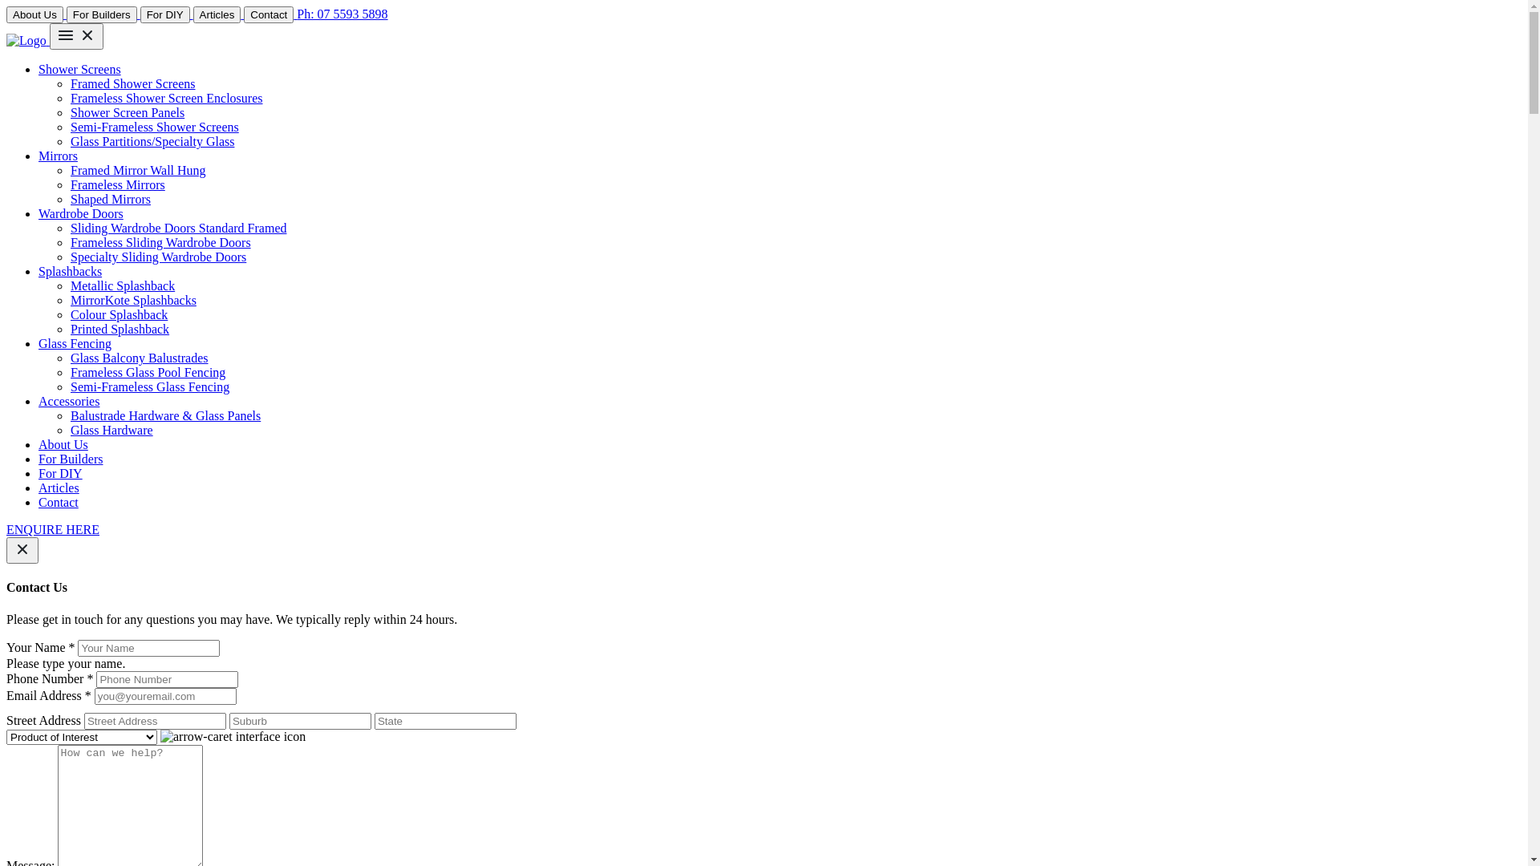  Describe the element at coordinates (133, 300) in the screenshot. I see `'MirrorKote Splashbacks'` at that location.